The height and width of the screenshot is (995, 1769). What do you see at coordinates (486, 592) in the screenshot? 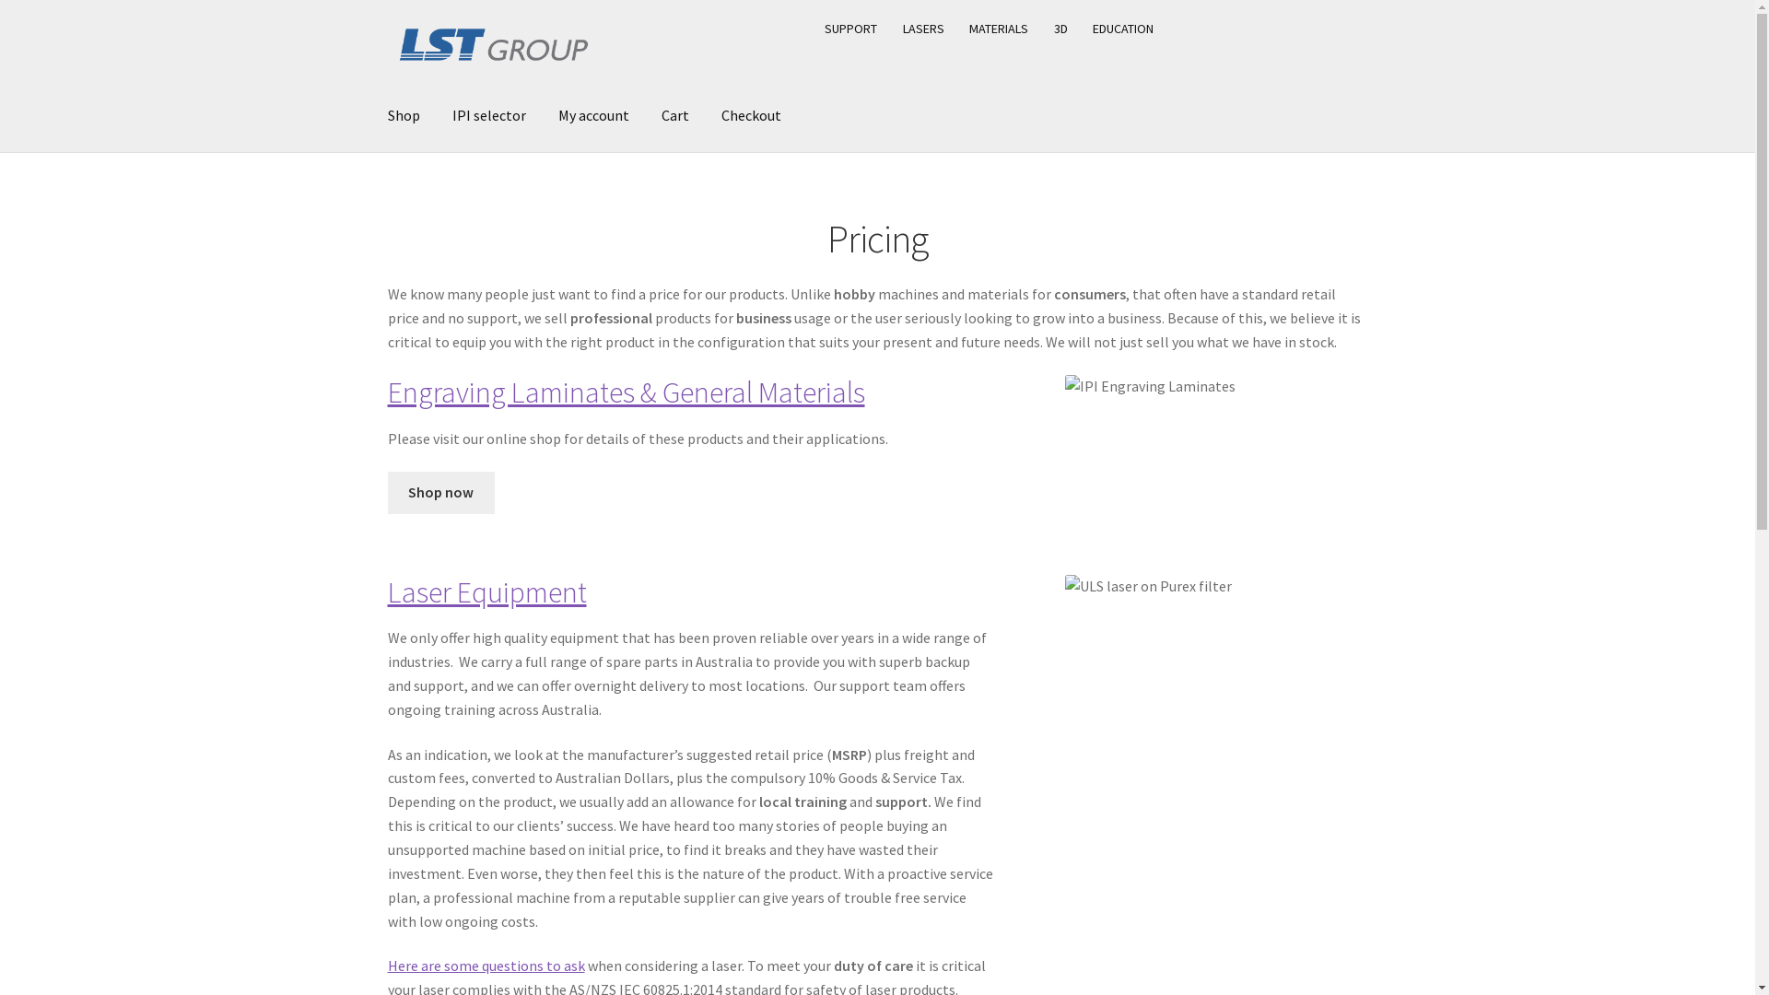
I see `'Laser Equipment'` at bounding box center [486, 592].